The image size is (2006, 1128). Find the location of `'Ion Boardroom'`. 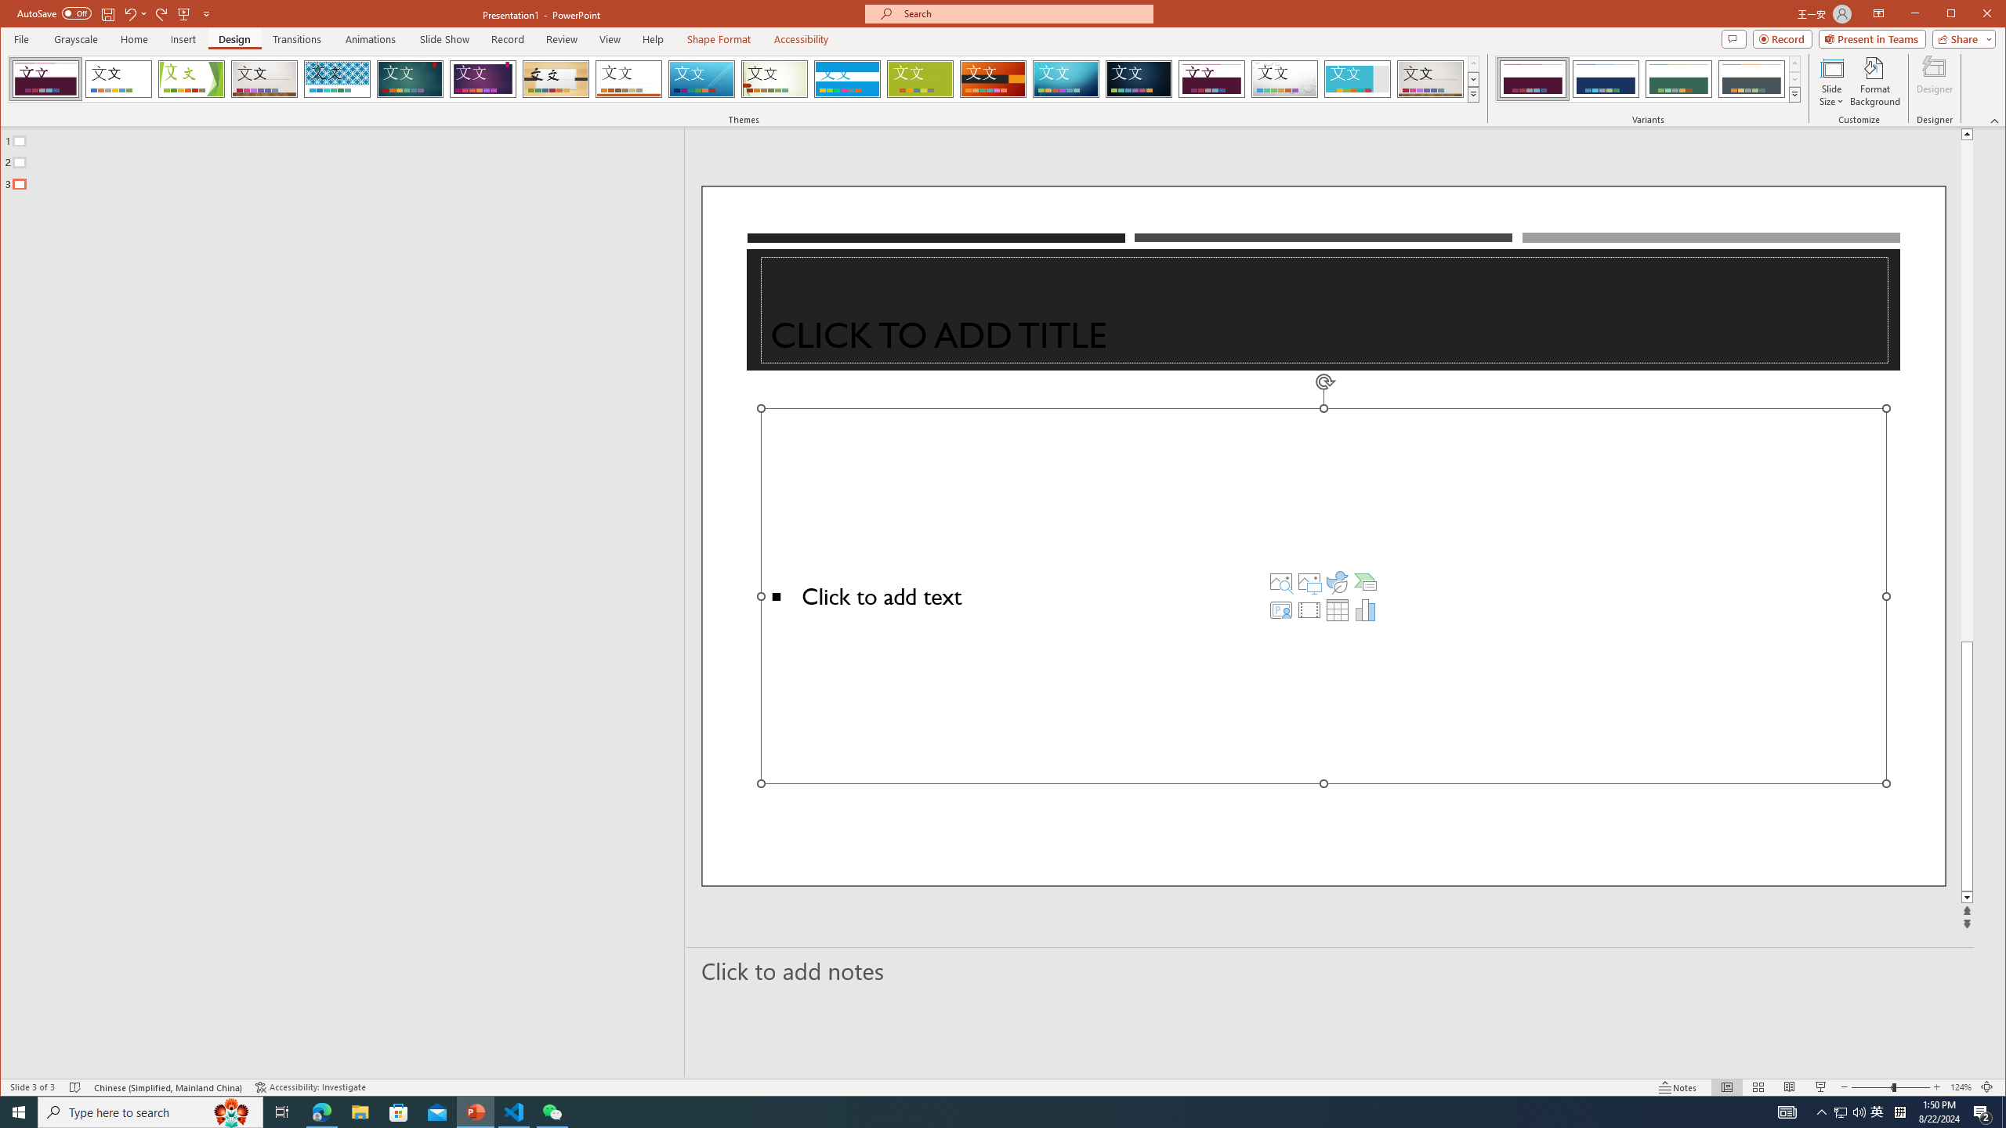

'Ion Boardroom' is located at coordinates (482, 78).